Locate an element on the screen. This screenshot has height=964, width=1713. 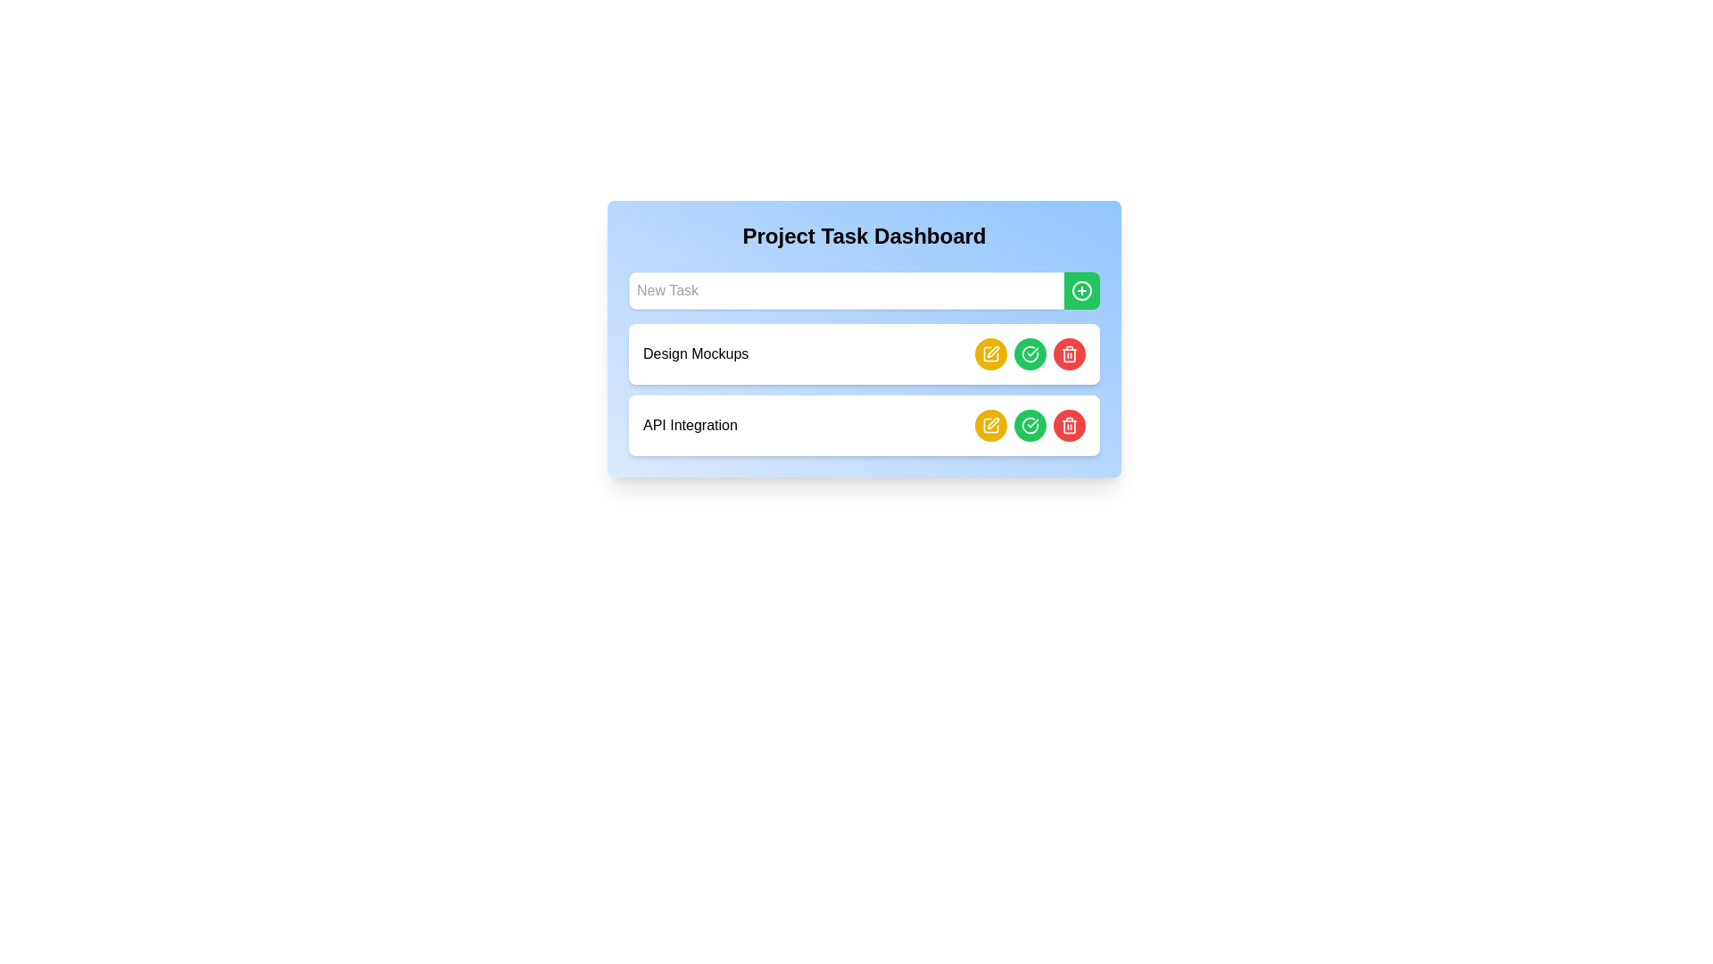
the button located at the top right corner of the 'New Task' input field is located at coordinates (1081, 290).